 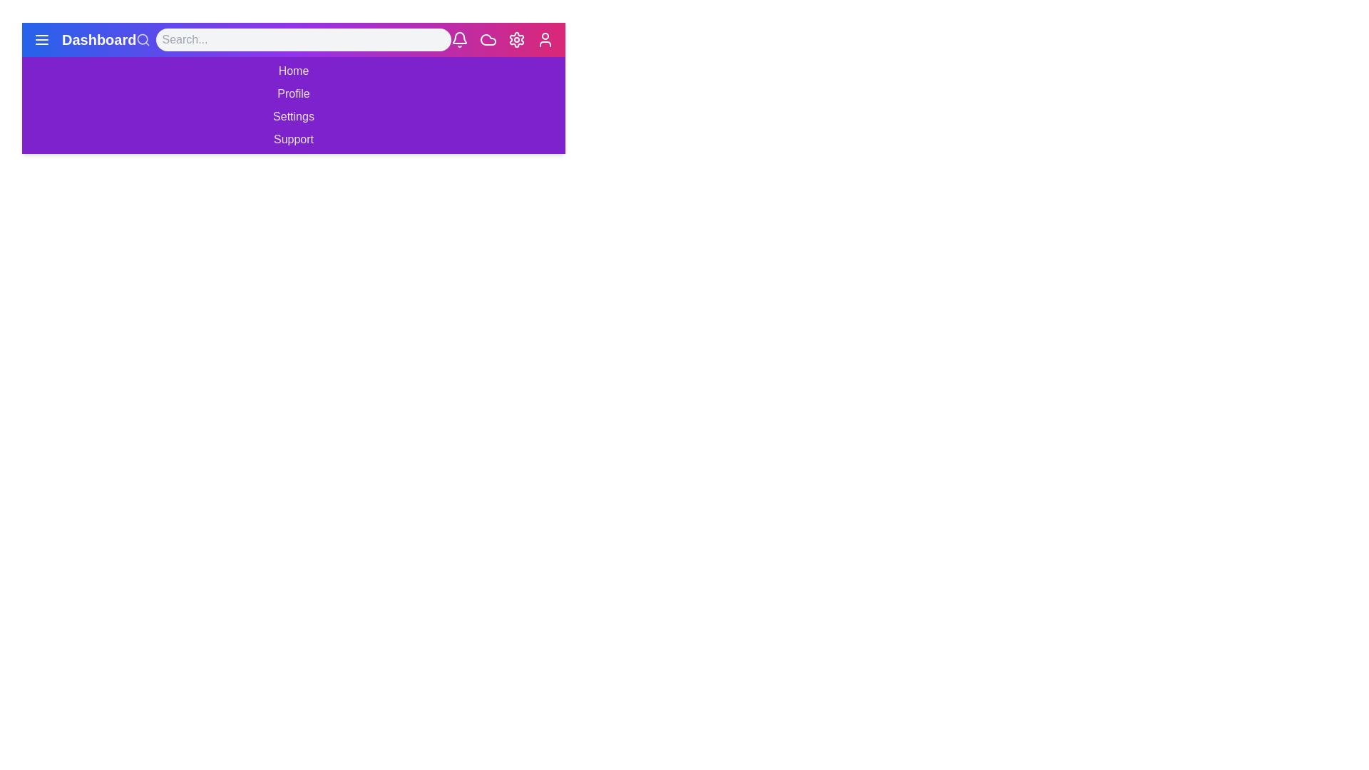 I want to click on the notifications icon in the app bar, so click(x=459, y=39).